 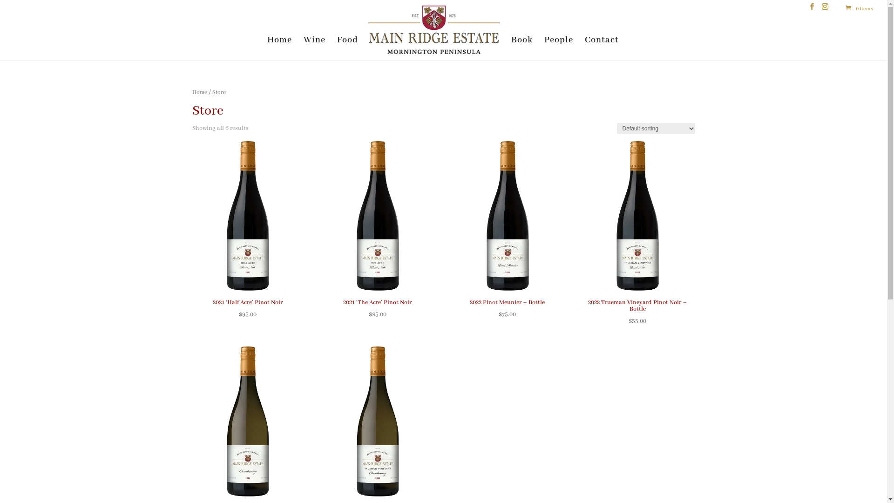 I want to click on 'People', so click(x=559, y=47).